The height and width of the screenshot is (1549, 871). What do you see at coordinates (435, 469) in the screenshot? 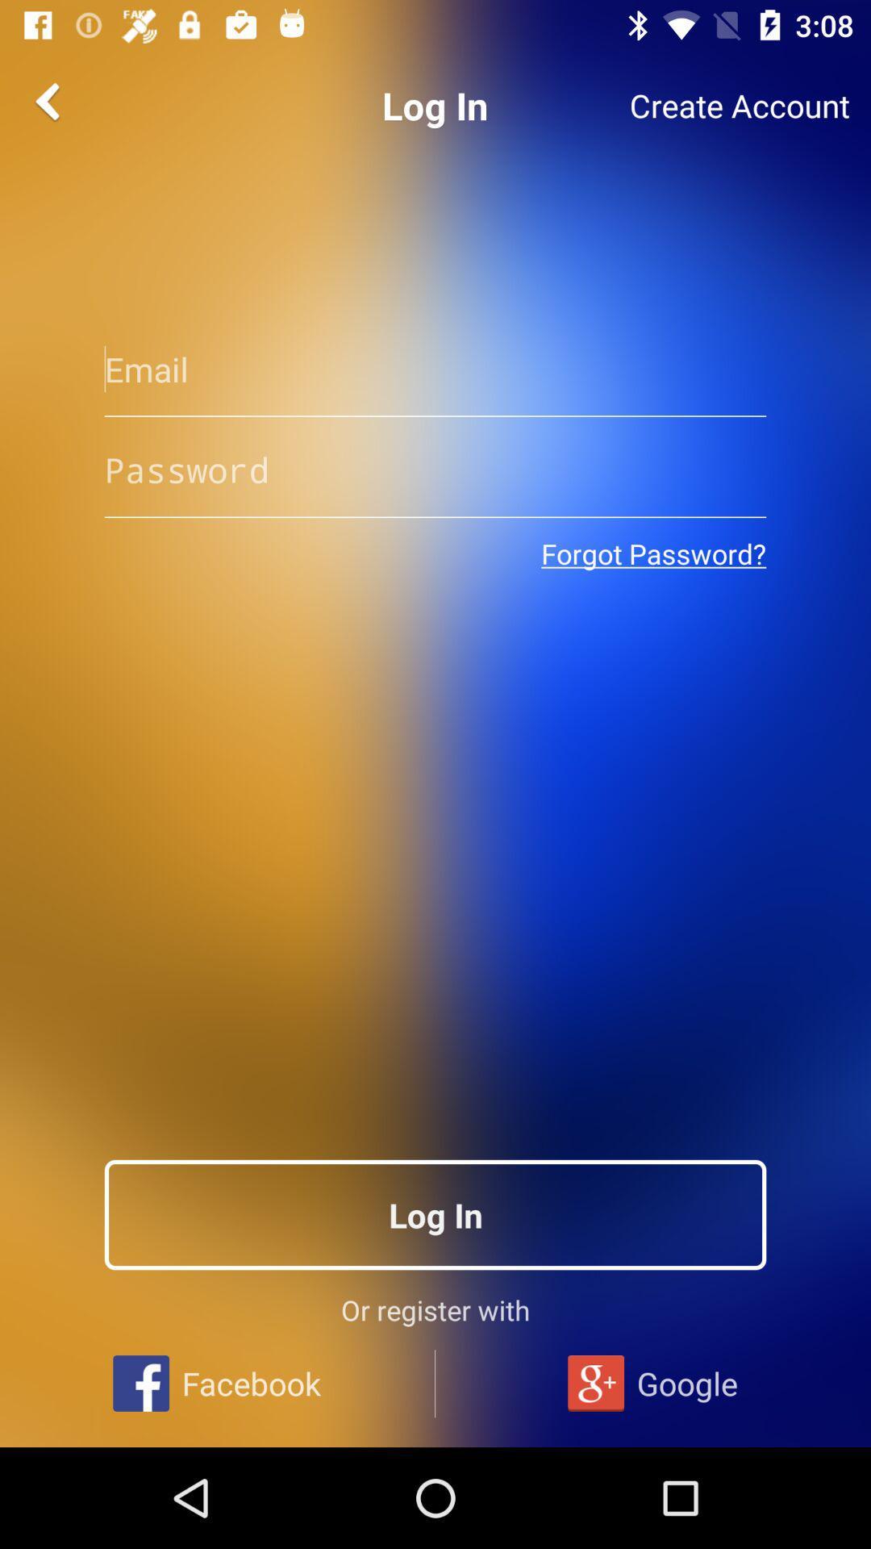
I see `password` at bounding box center [435, 469].